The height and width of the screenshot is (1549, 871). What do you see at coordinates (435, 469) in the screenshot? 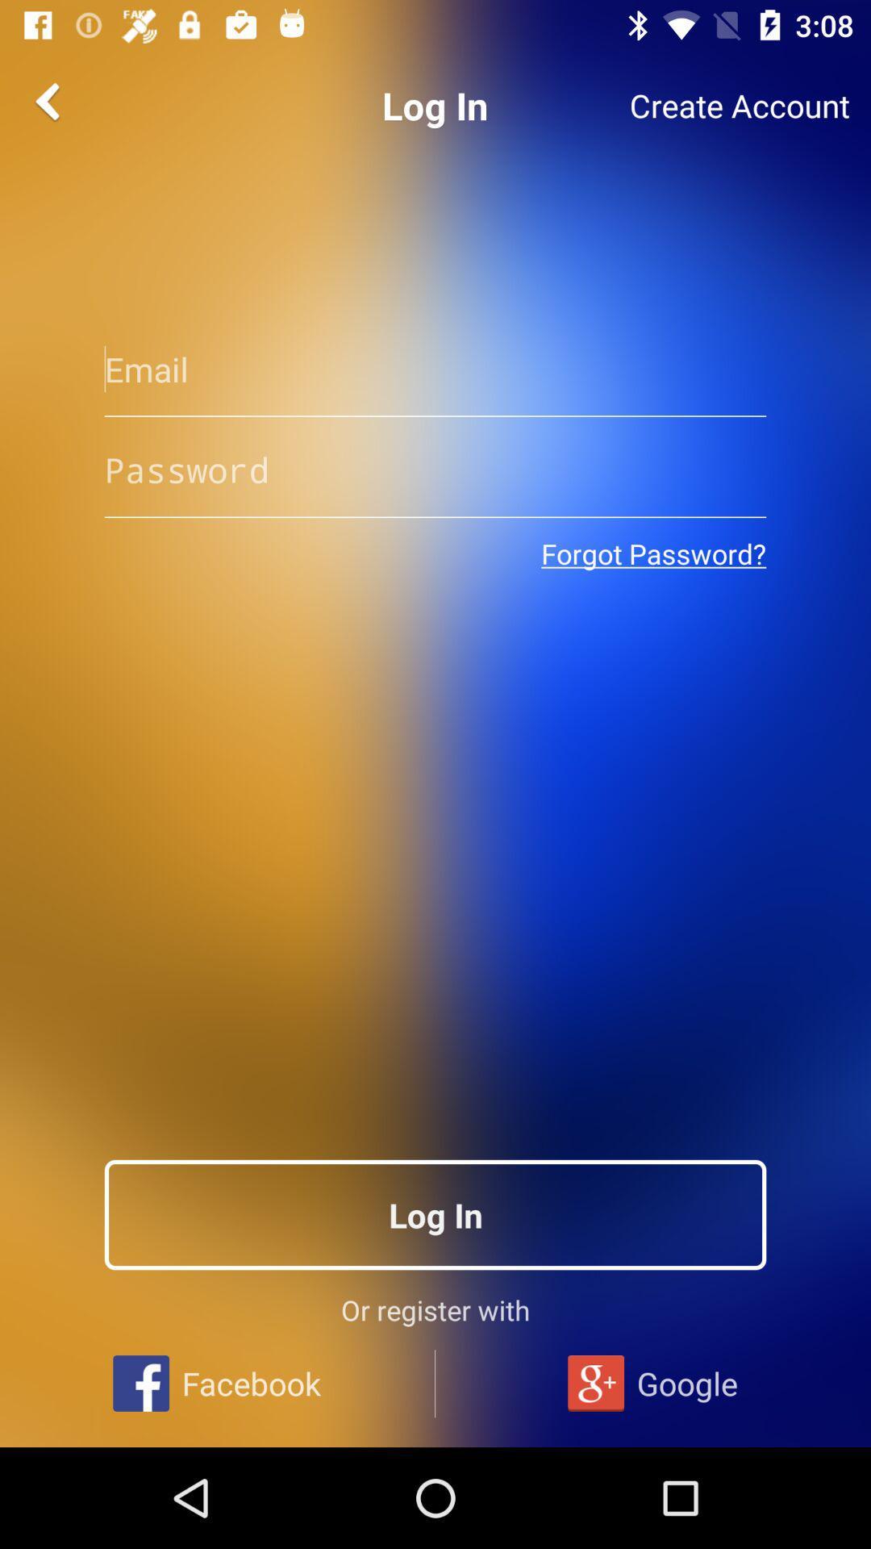
I see `password` at bounding box center [435, 469].